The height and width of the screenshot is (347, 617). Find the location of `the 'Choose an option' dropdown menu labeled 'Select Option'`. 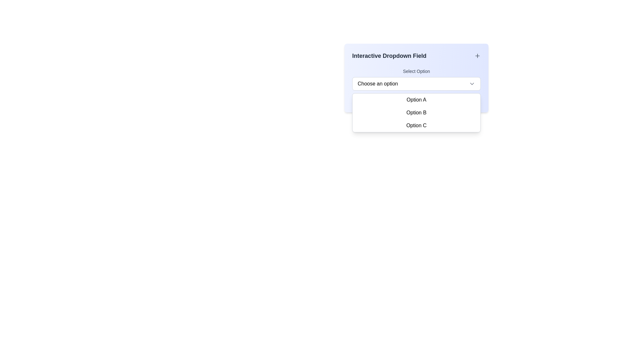

the 'Choose an option' dropdown menu labeled 'Select Option' is located at coordinates (416, 79).